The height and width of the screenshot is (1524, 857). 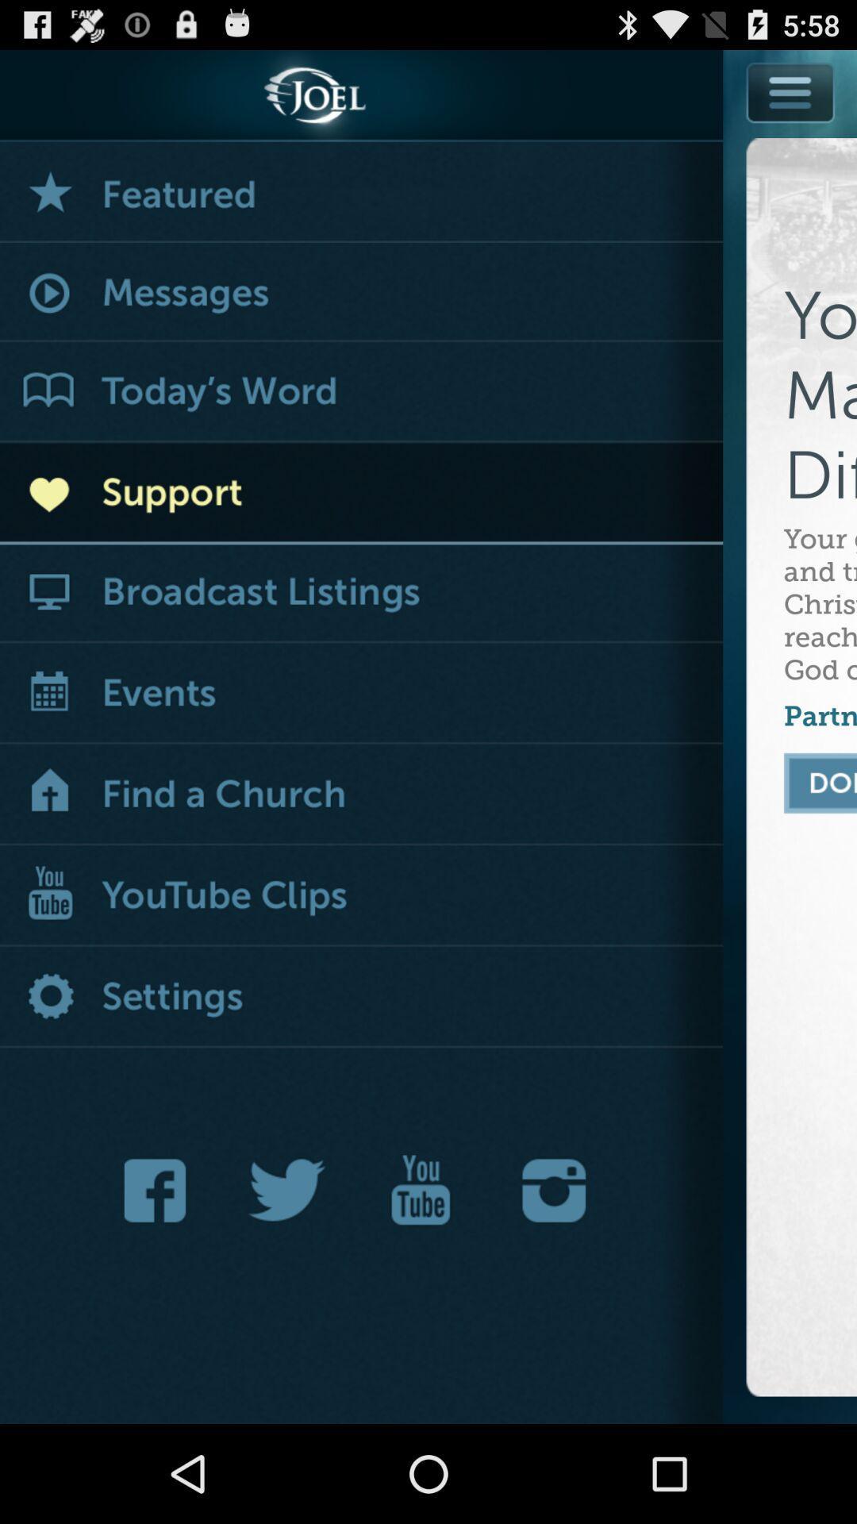 What do you see at coordinates (553, 1190) in the screenshot?
I see `instagram option` at bounding box center [553, 1190].